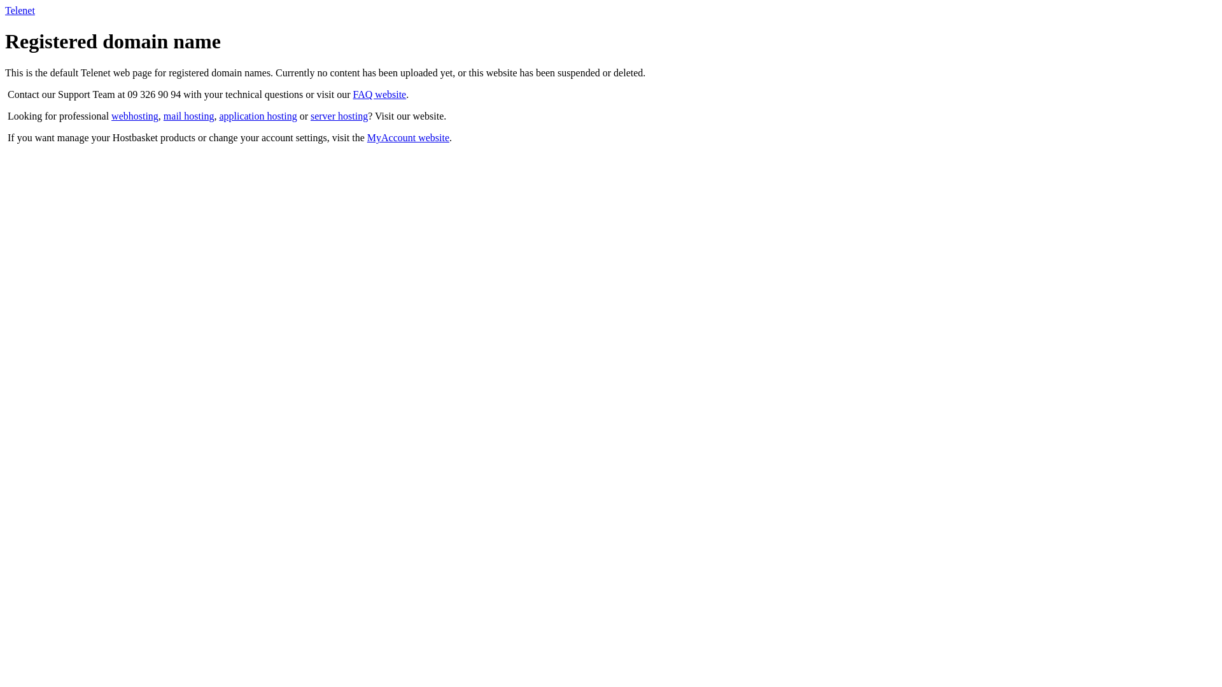 The image size is (1222, 687). I want to click on 'application hosting', so click(256, 116).